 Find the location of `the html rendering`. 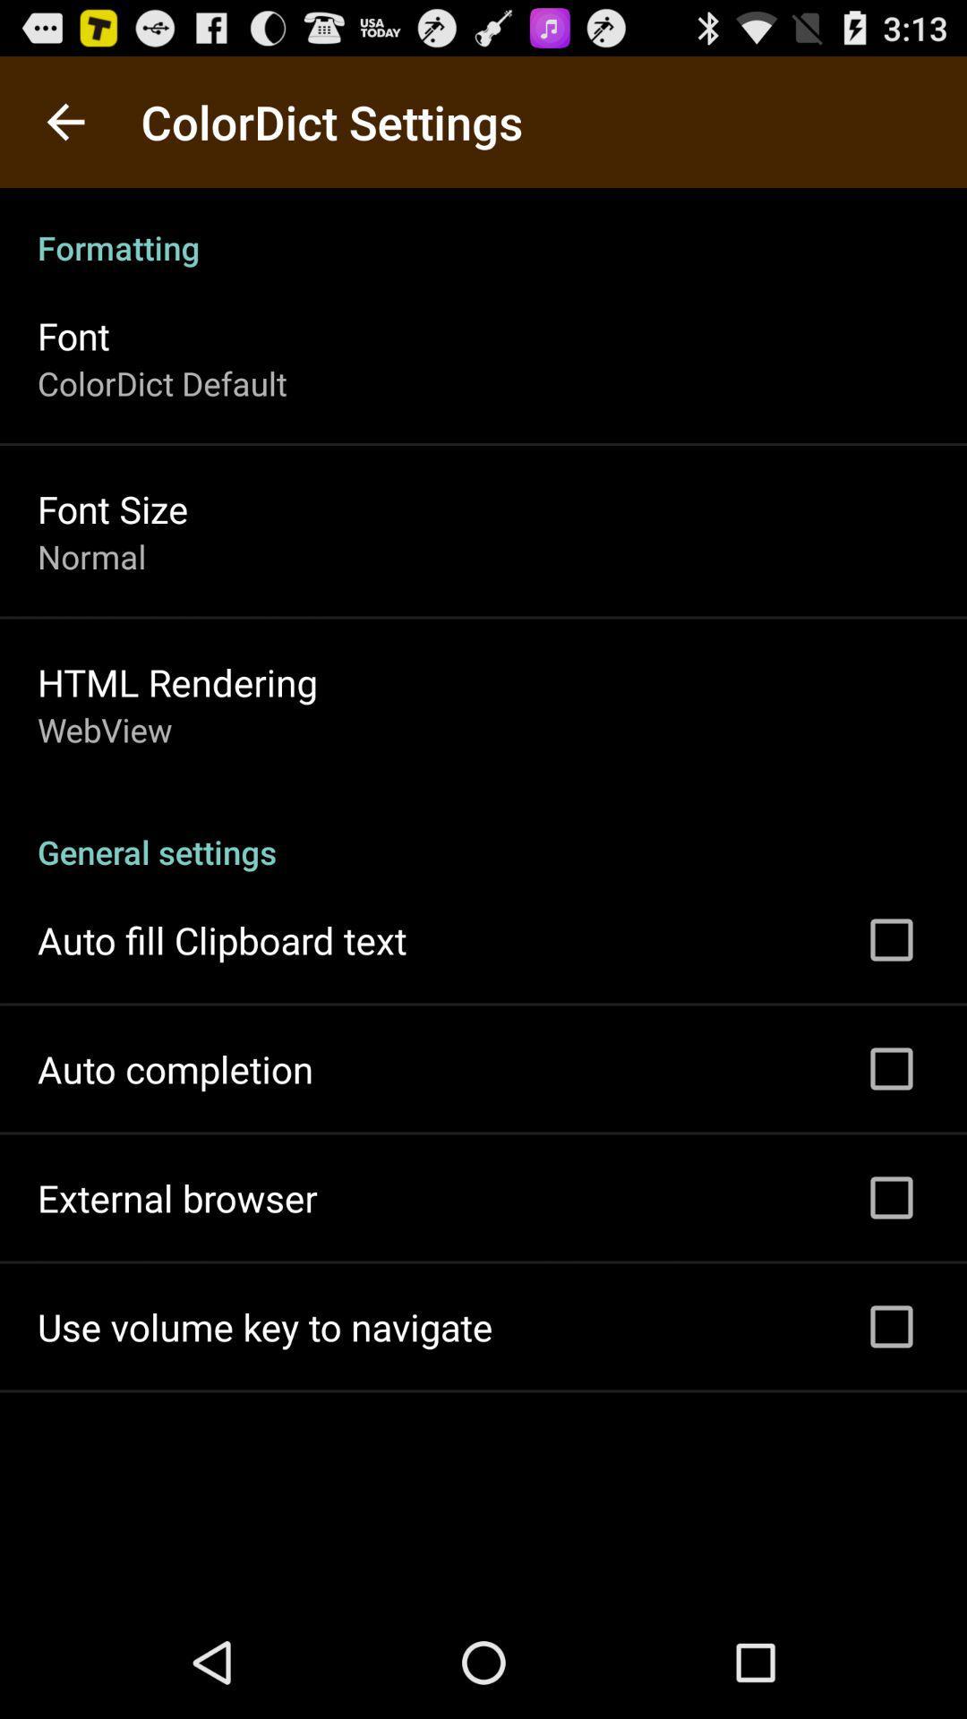

the html rendering is located at coordinates (177, 681).